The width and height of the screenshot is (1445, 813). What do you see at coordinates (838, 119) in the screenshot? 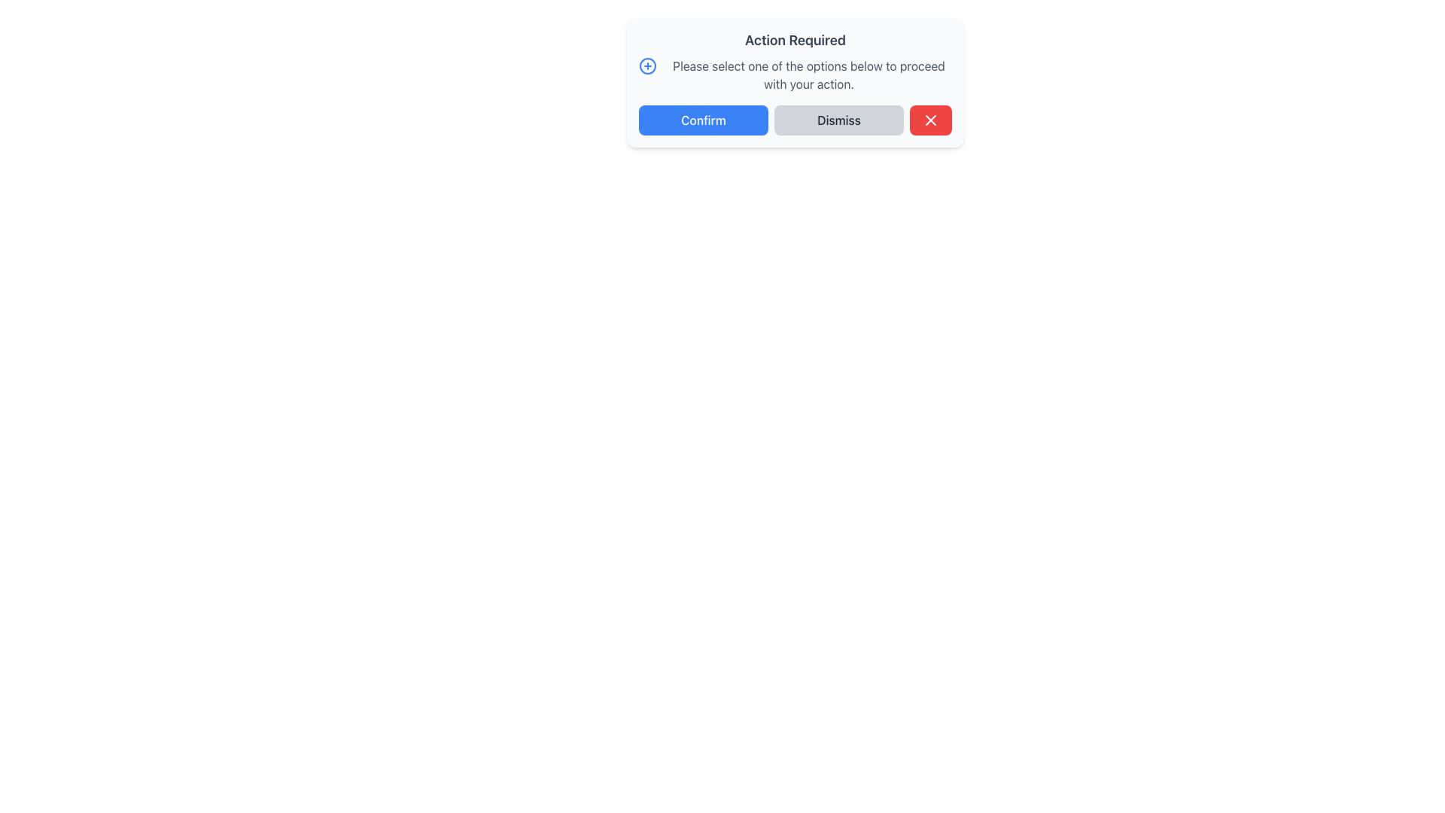
I see `the middle dismiss button in the action button group of the 'Action Required' dialog box to change its background color` at bounding box center [838, 119].